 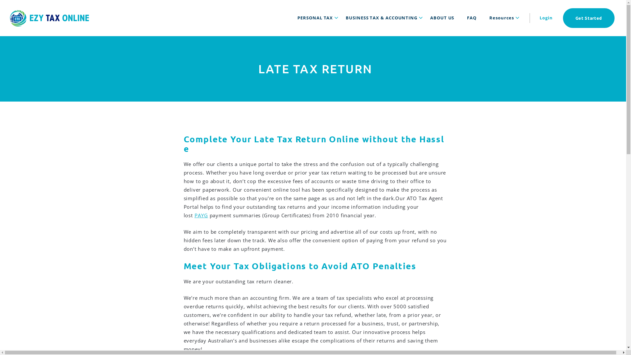 What do you see at coordinates (546, 17) in the screenshot?
I see `'Login'` at bounding box center [546, 17].